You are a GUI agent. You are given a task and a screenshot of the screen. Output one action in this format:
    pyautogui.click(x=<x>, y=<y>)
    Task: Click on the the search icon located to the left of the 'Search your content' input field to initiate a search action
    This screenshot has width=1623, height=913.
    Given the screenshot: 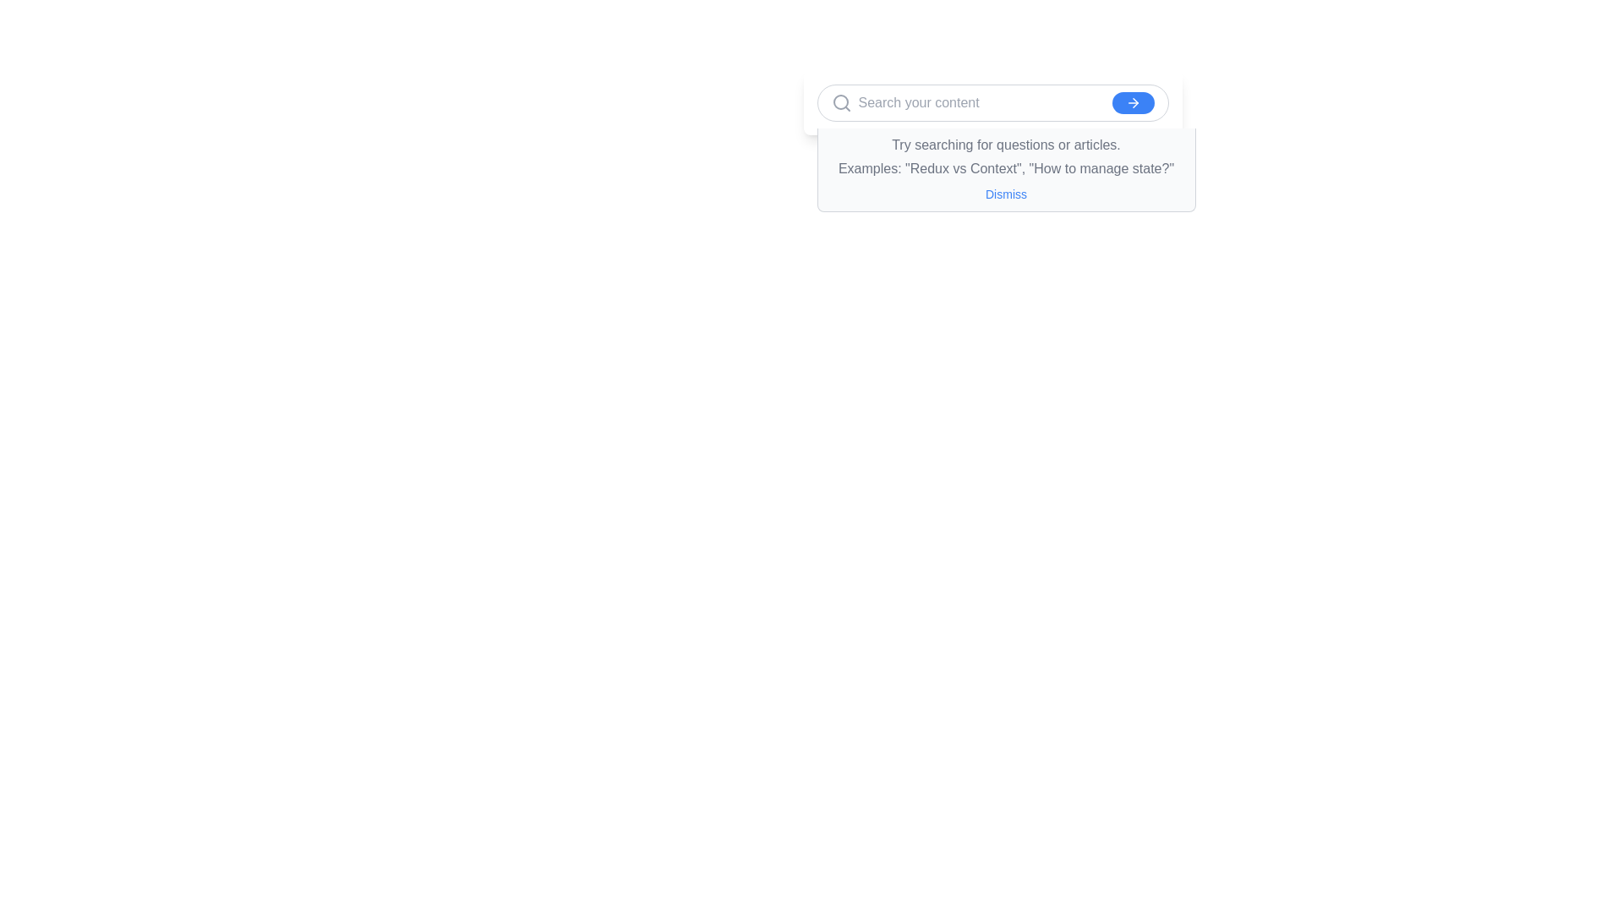 What is the action you would take?
    pyautogui.click(x=841, y=103)
    